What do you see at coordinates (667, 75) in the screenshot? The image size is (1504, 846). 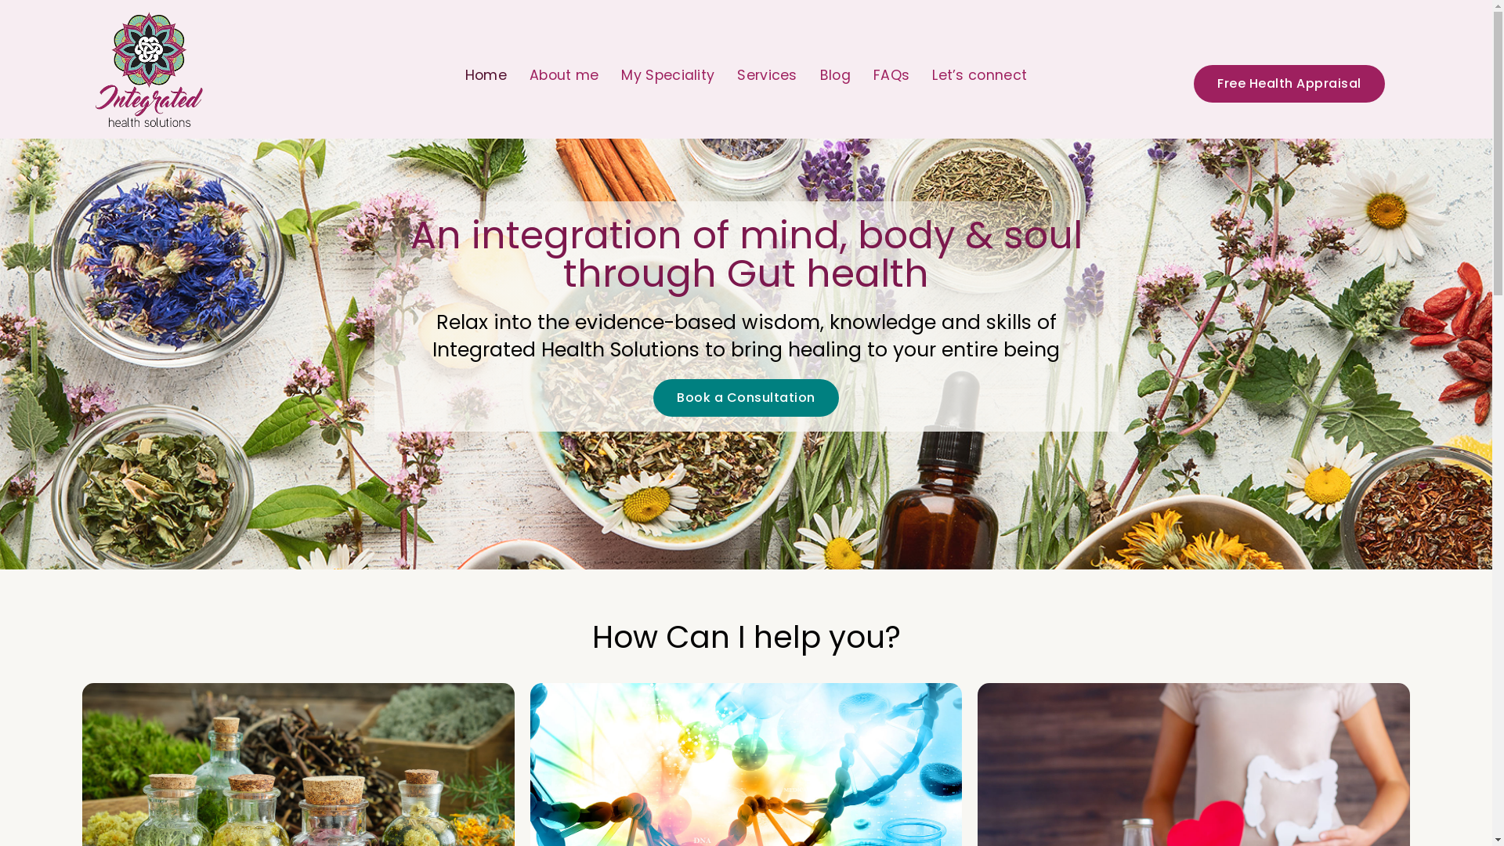 I see `'My Speciality'` at bounding box center [667, 75].